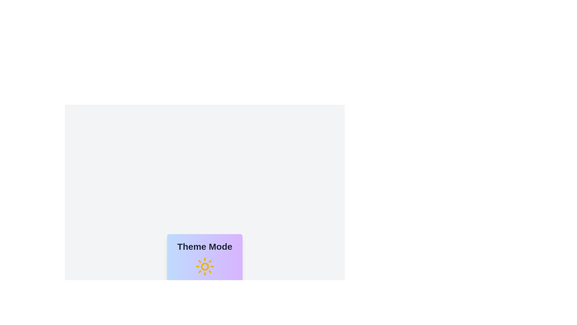 The height and width of the screenshot is (325, 577). Describe the element at coordinates (205, 266) in the screenshot. I see `the sun icon to inspect its properties` at that location.